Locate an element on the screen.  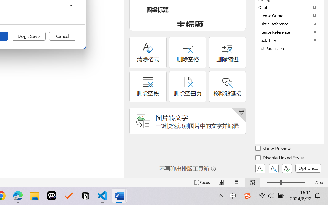
'Quote' is located at coordinates (290, 7).